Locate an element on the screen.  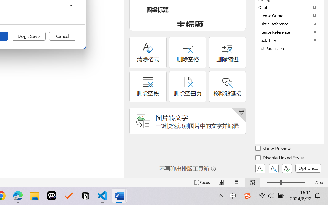
'Quote' is located at coordinates (290, 7).